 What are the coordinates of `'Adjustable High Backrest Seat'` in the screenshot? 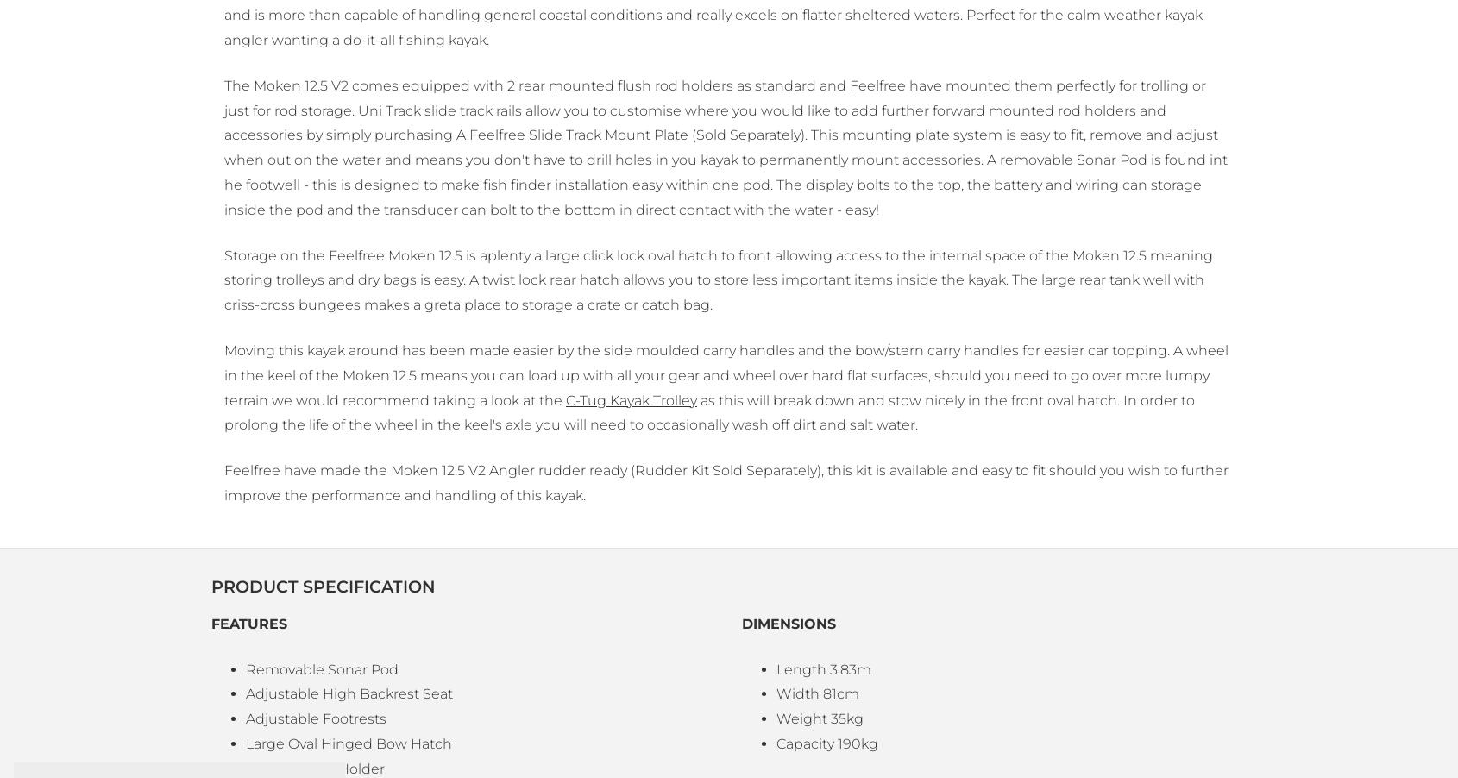 It's located at (348, 693).